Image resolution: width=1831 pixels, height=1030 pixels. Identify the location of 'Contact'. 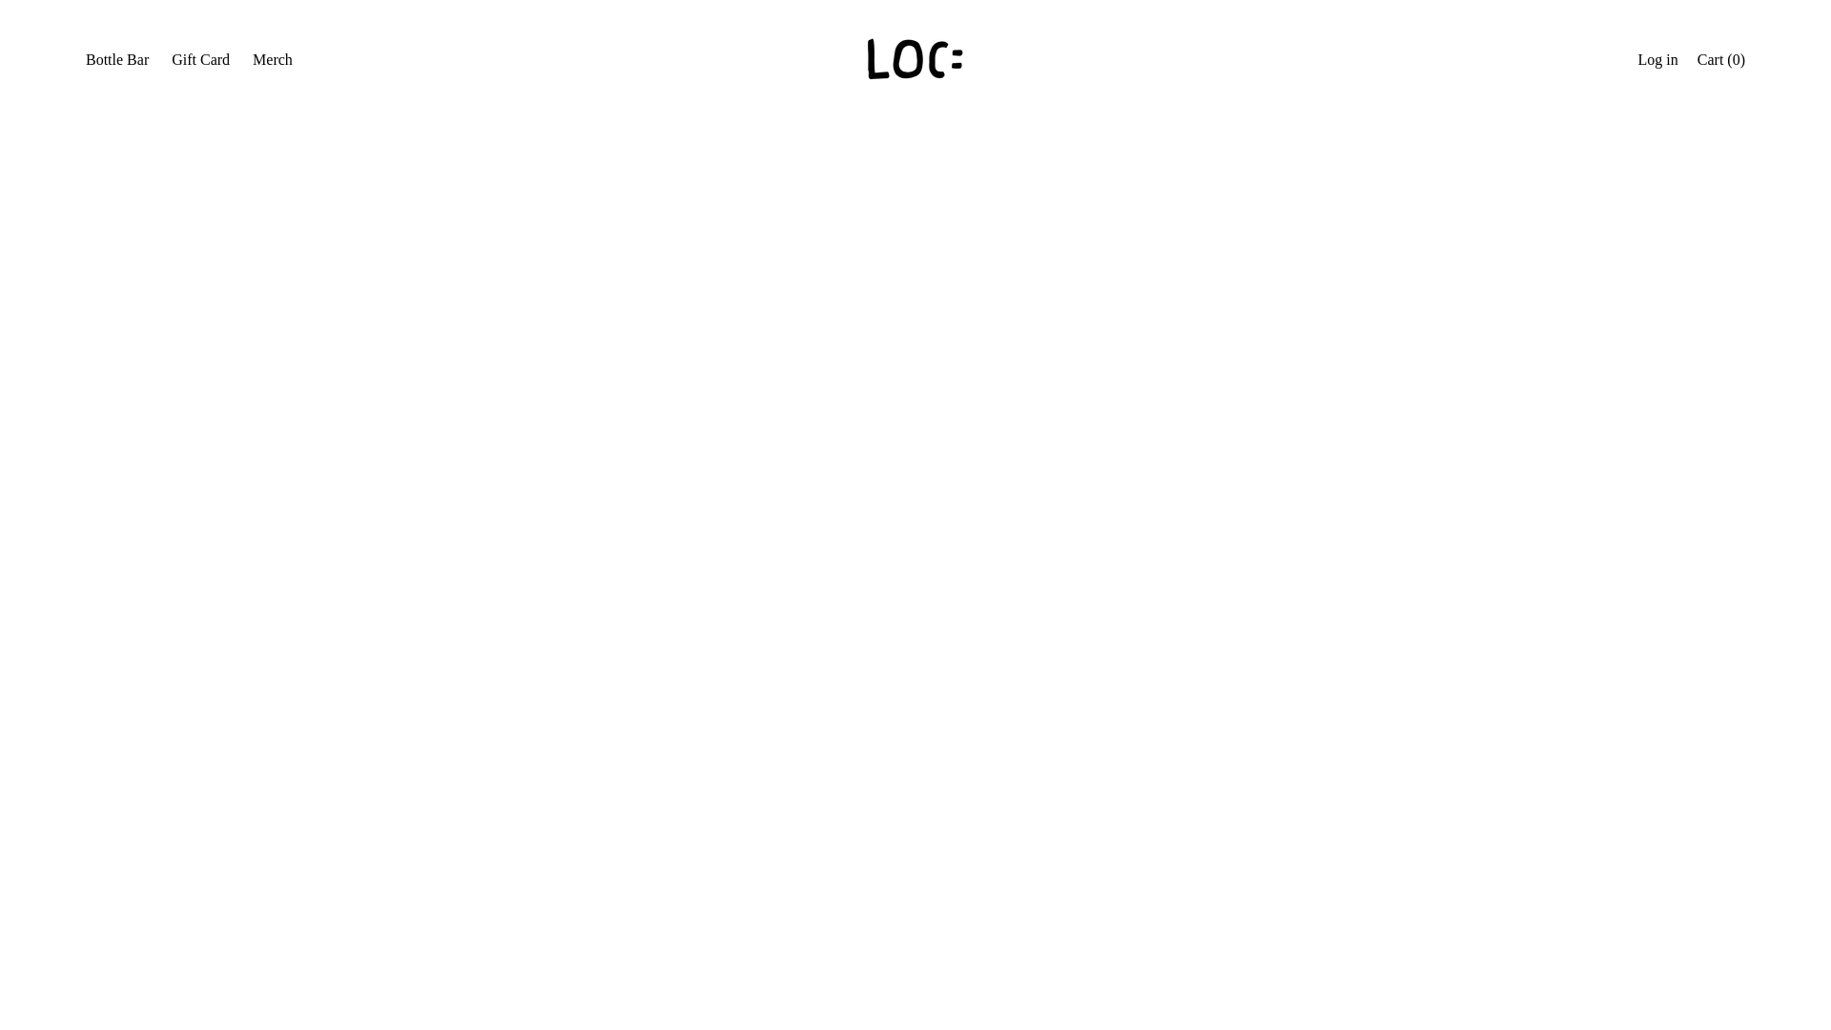
(127, 401).